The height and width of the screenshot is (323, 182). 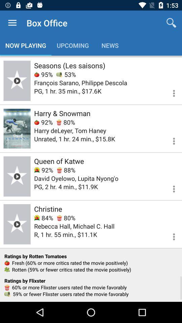 I want to click on this, so click(x=17, y=224).